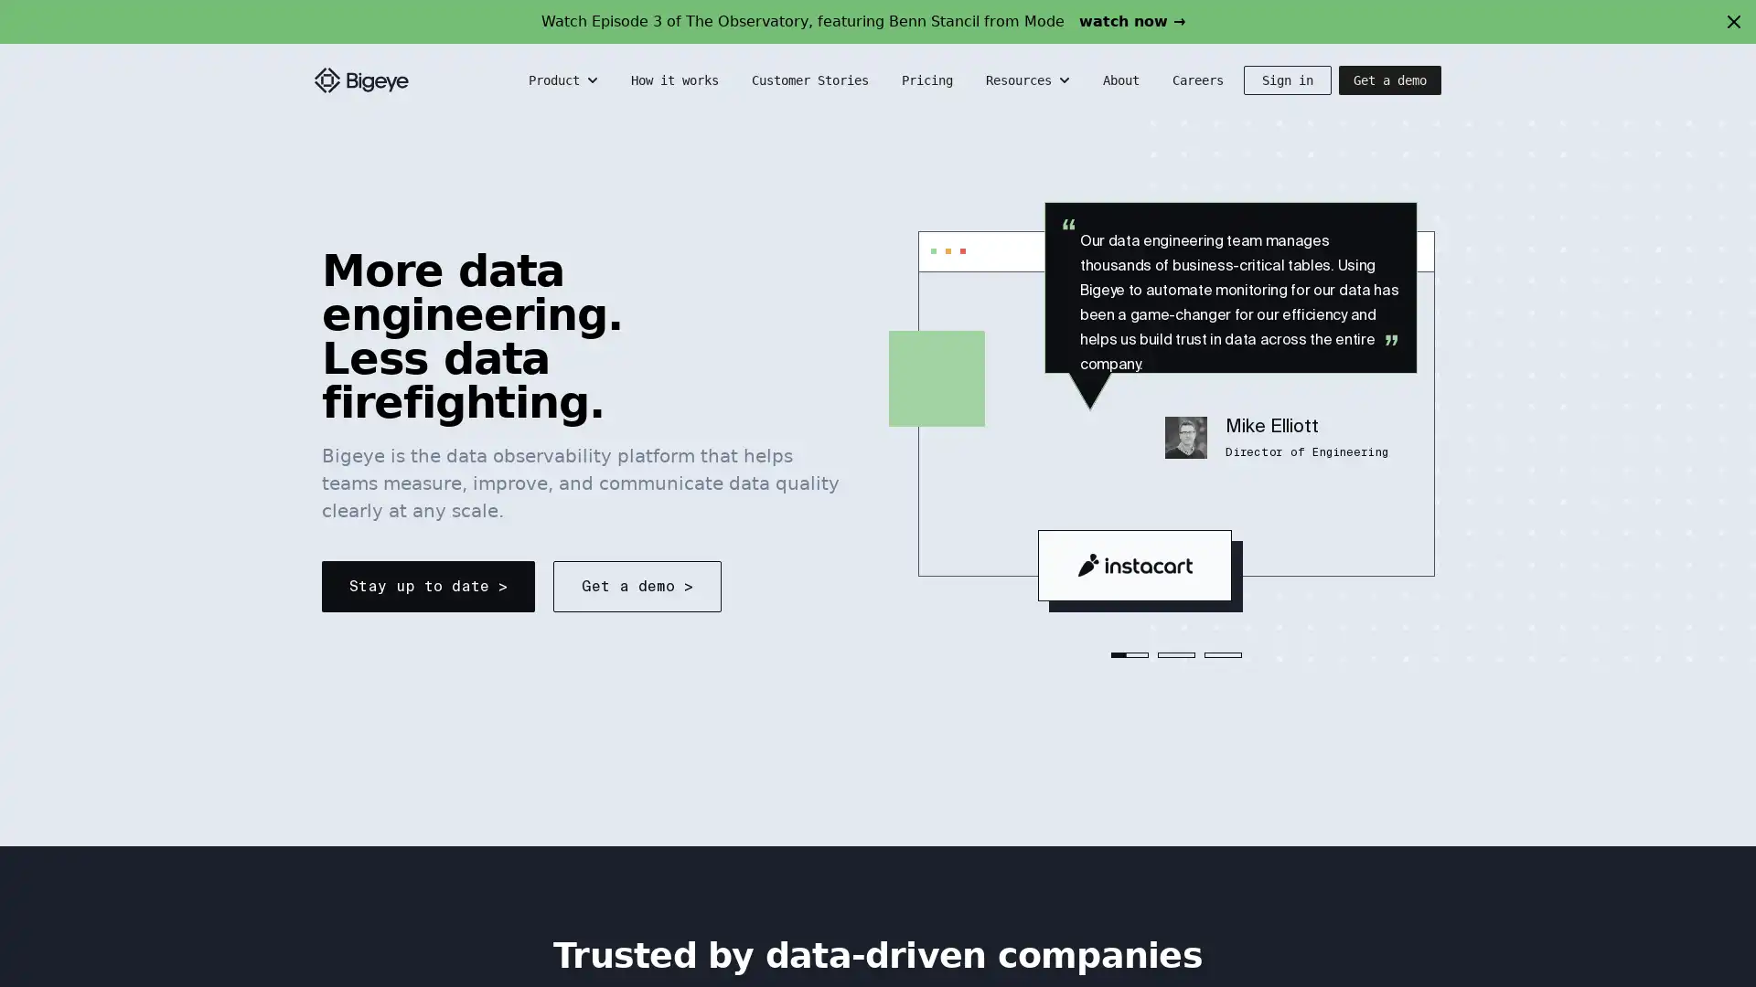  Describe the element at coordinates (1390, 80) in the screenshot. I see `Get a demo` at that location.